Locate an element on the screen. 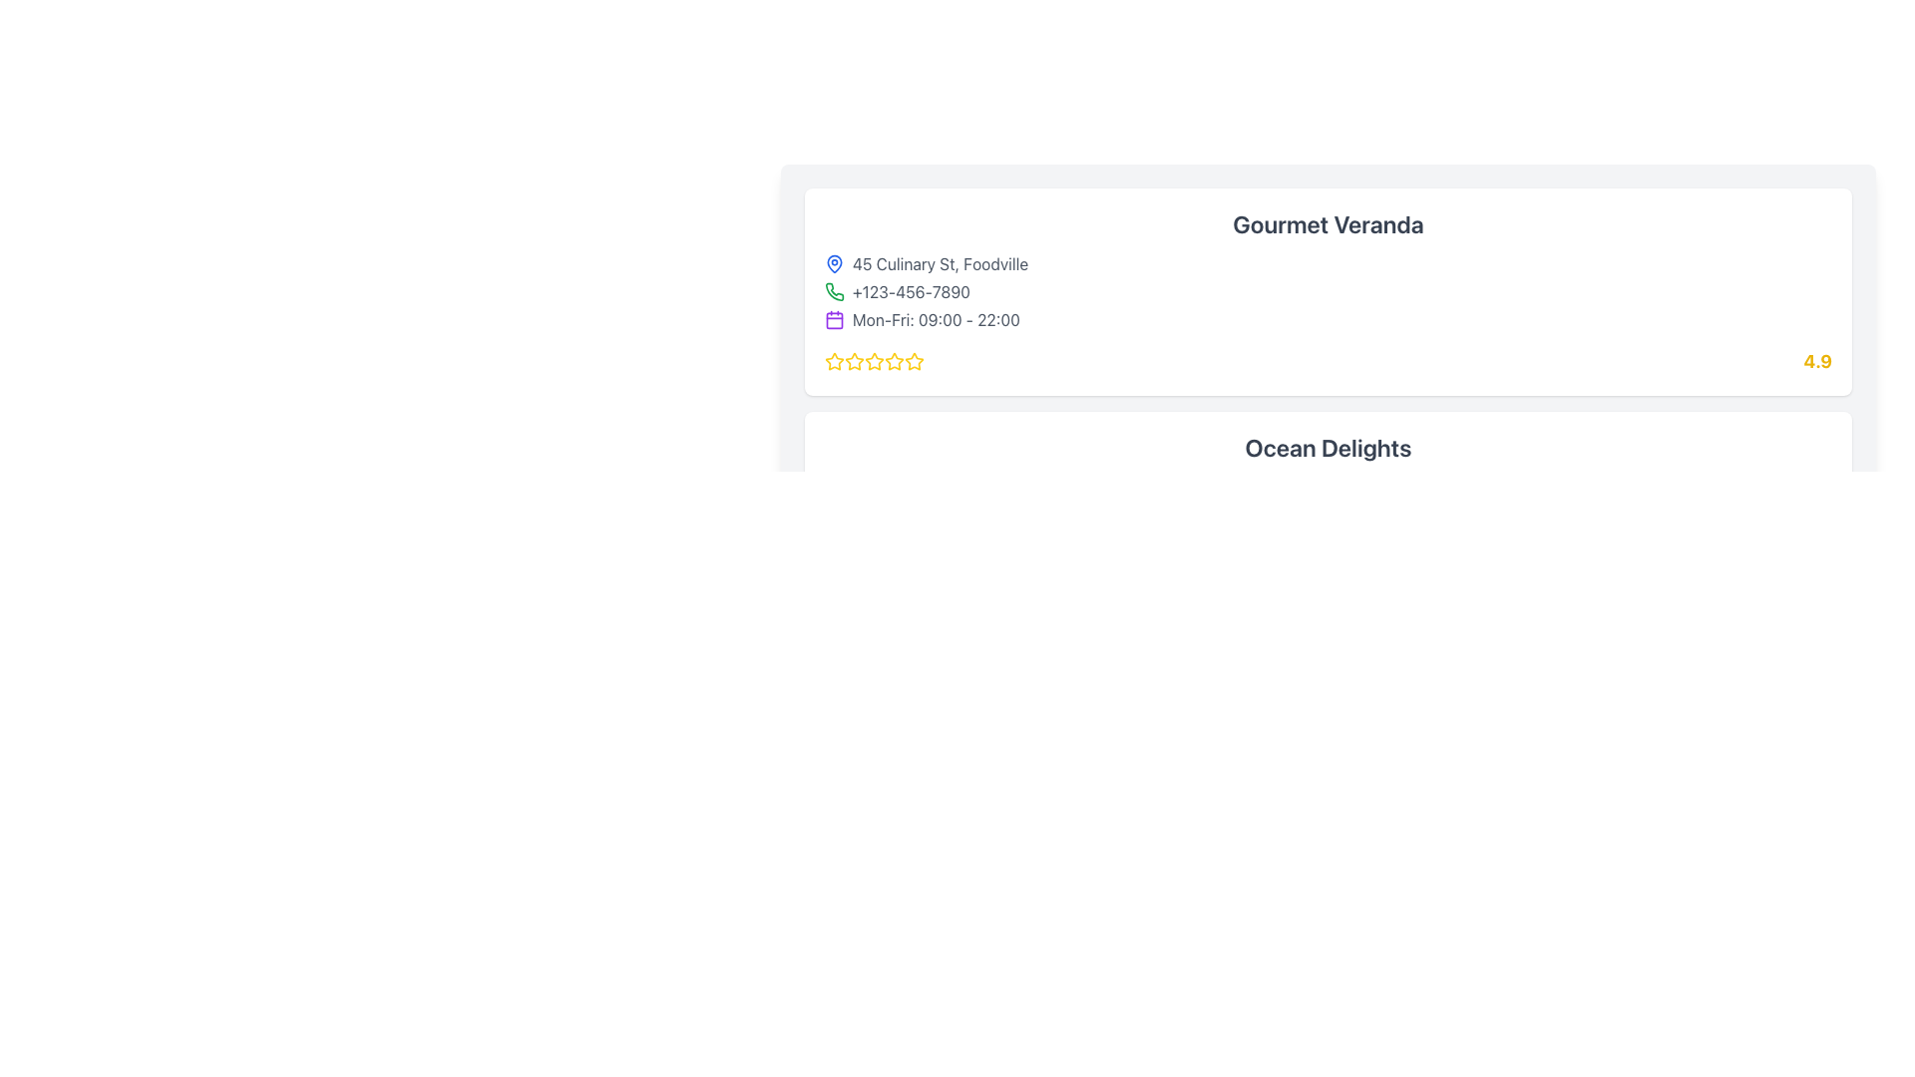 The height and width of the screenshot is (1077, 1915). the schedule icon located at the top-left corner of the operational hours section, which visually indicates the accompanying text about the schedule 'Mon-Fri: 09:00 - 22:00' is located at coordinates (834, 318).